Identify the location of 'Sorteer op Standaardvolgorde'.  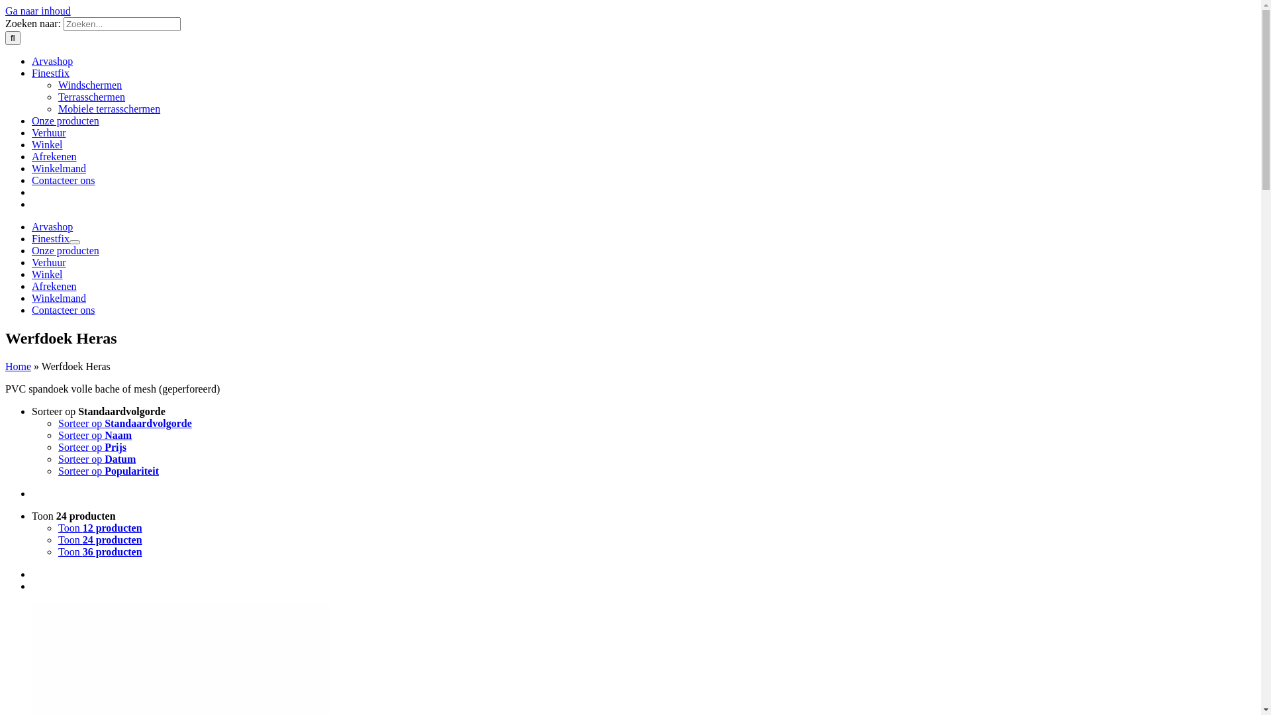
(124, 423).